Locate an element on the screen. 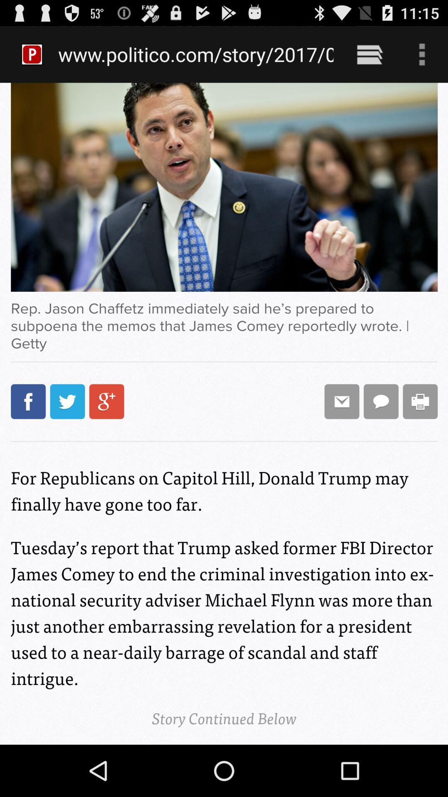 Image resolution: width=448 pixels, height=797 pixels. the item to the right of www politico com item is located at coordinates (369, 54).